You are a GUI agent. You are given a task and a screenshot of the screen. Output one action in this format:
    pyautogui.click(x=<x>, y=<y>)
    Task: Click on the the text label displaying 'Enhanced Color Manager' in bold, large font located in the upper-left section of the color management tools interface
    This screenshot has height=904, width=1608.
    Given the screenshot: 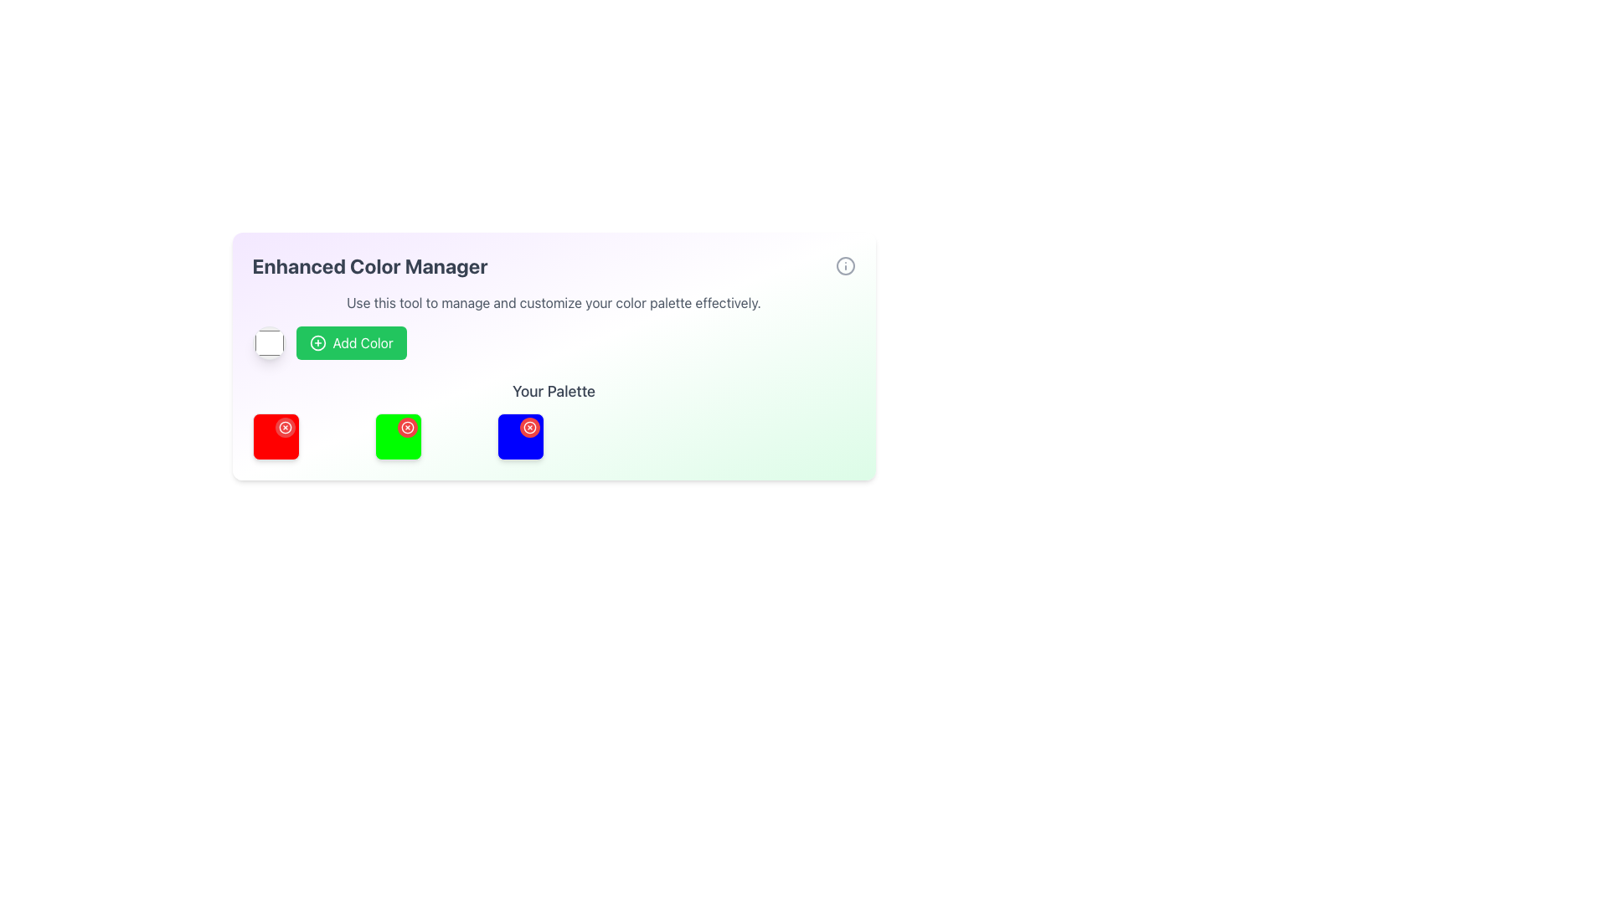 What is the action you would take?
    pyautogui.click(x=368, y=265)
    